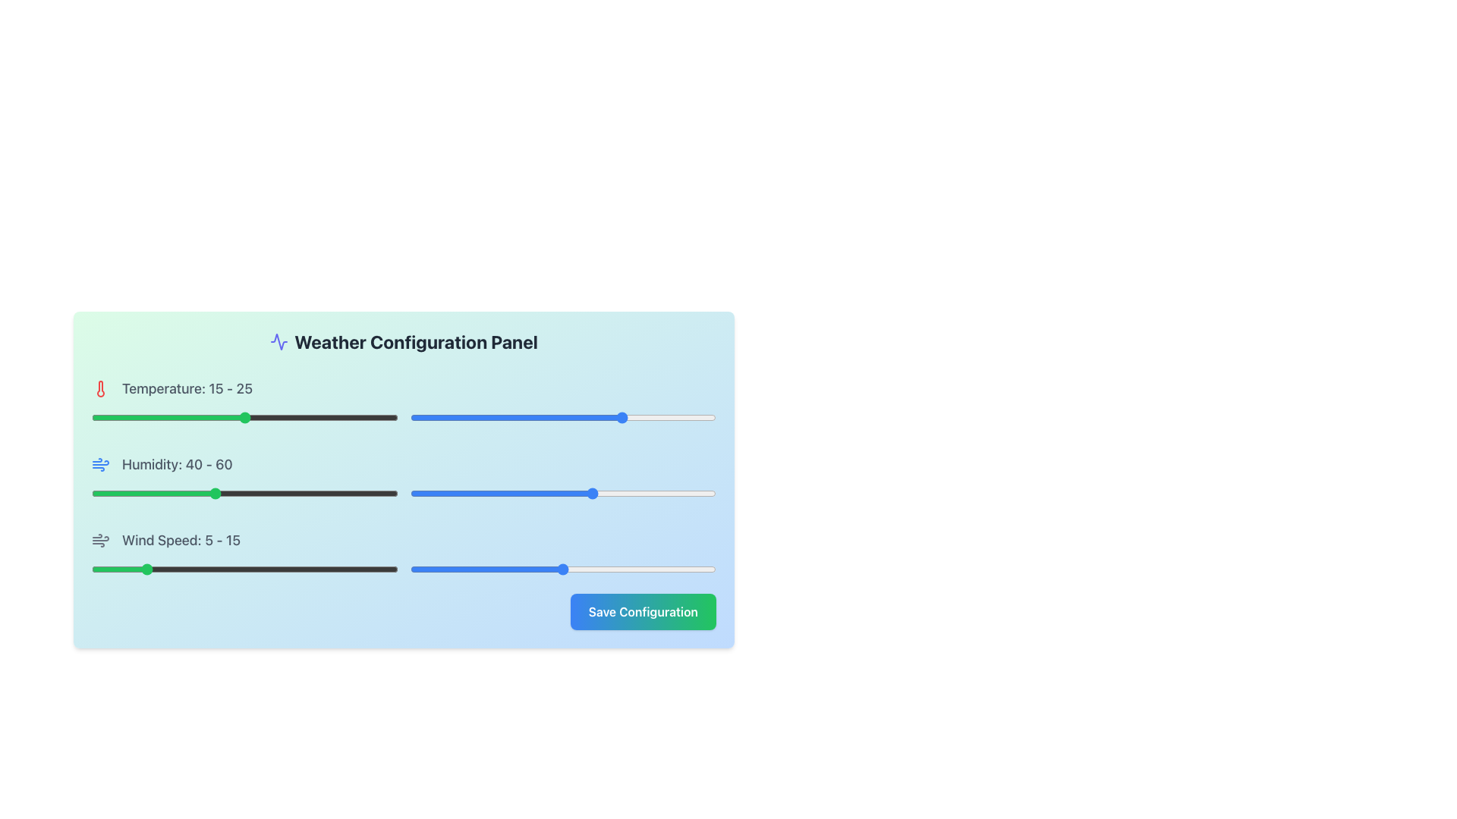 The image size is (1457, 819). I want to click on value of the slider, so click(649, 418).